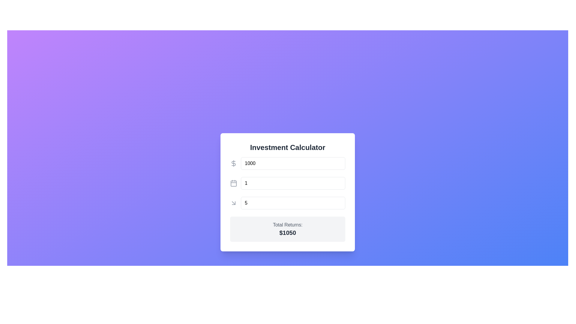  I want to click on the text label displaying the value "$1050", which is positioned below the label "Total Returns:" within a card-like layout, so click(287, 232).